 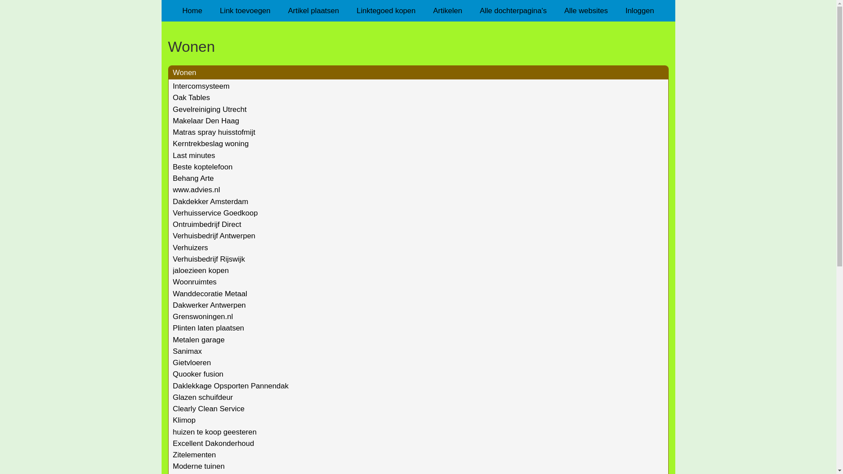 I want to click on 'Gevelreiniging Utrecht', so click(x=173, y=109).